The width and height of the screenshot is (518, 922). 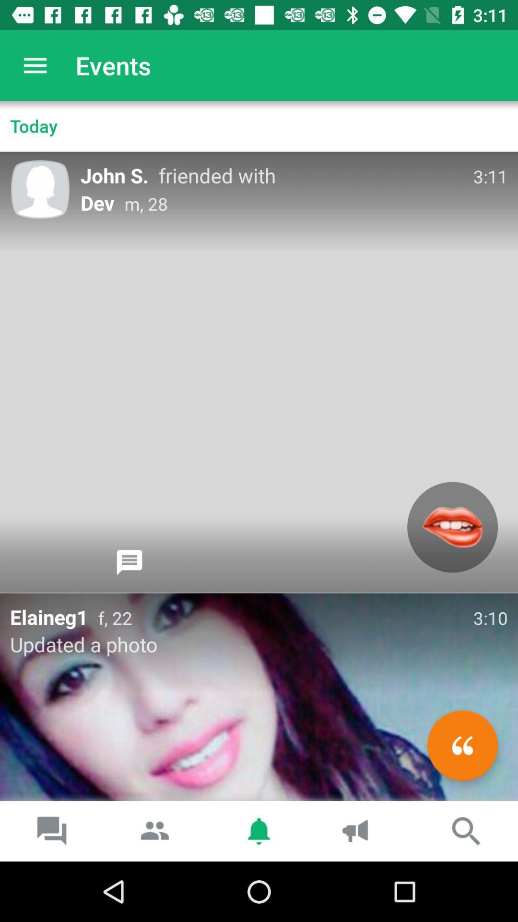 I want to click on the item above the today, so click(x=35, y=65).